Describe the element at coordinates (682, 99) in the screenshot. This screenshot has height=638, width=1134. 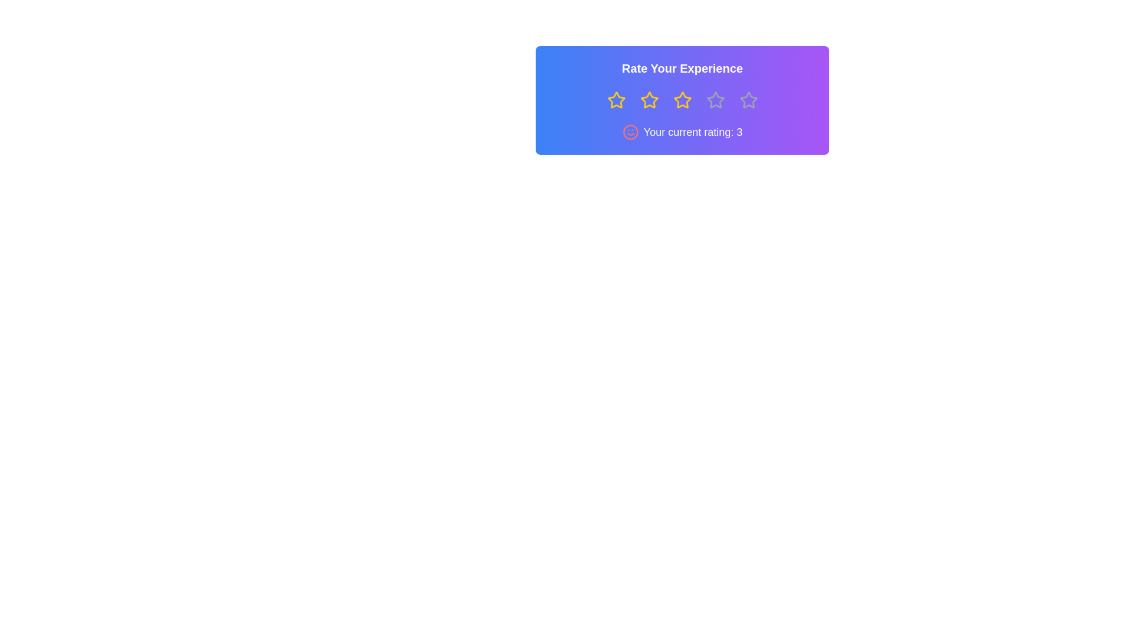
I see `the star representing 3 stars to preview the rating effect` at that location.